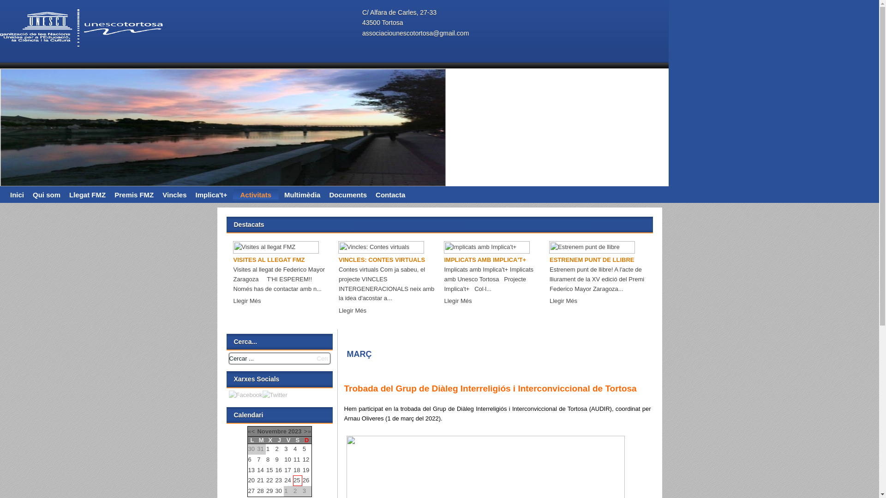  What do you see at coordinates (287, 480) in the screenshot?
I see `'24'` at bounding box center [287, 480].